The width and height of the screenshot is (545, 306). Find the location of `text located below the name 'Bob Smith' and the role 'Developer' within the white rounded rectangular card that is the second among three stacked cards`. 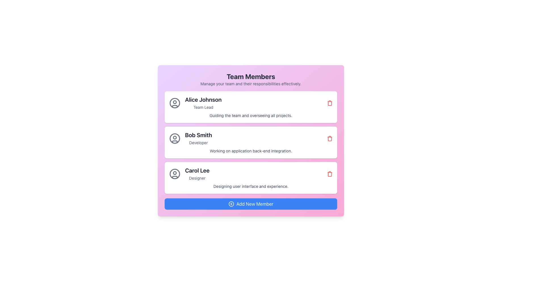

text located below the name 'Bob Smith' and the role 'Developer' within the white rounded rectangular card that is the second among three stacked cards is located at coordinates (250, 150).